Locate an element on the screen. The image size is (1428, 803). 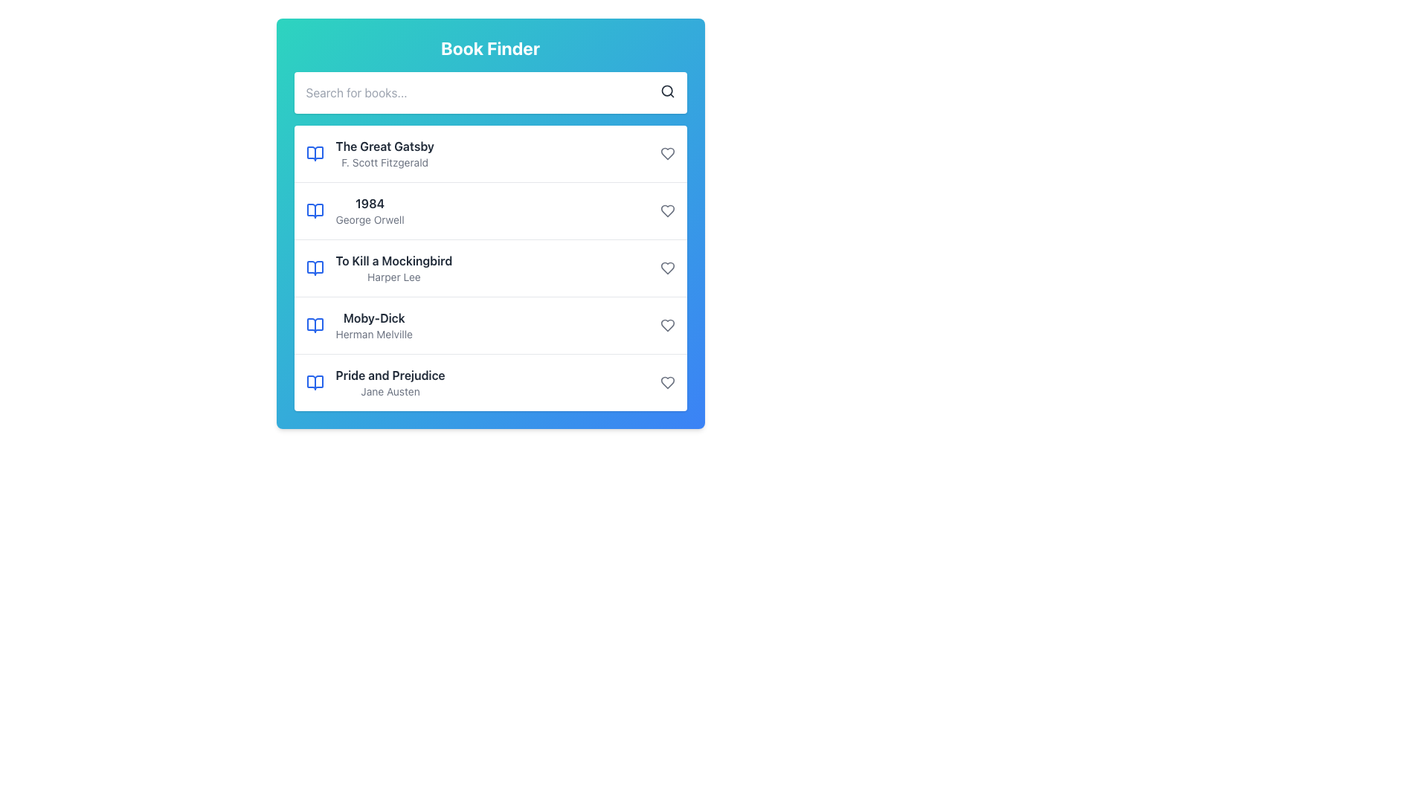
the heart-shaped icon next to the title 'The Great Gatsby' is located at coordinates (666, 154).